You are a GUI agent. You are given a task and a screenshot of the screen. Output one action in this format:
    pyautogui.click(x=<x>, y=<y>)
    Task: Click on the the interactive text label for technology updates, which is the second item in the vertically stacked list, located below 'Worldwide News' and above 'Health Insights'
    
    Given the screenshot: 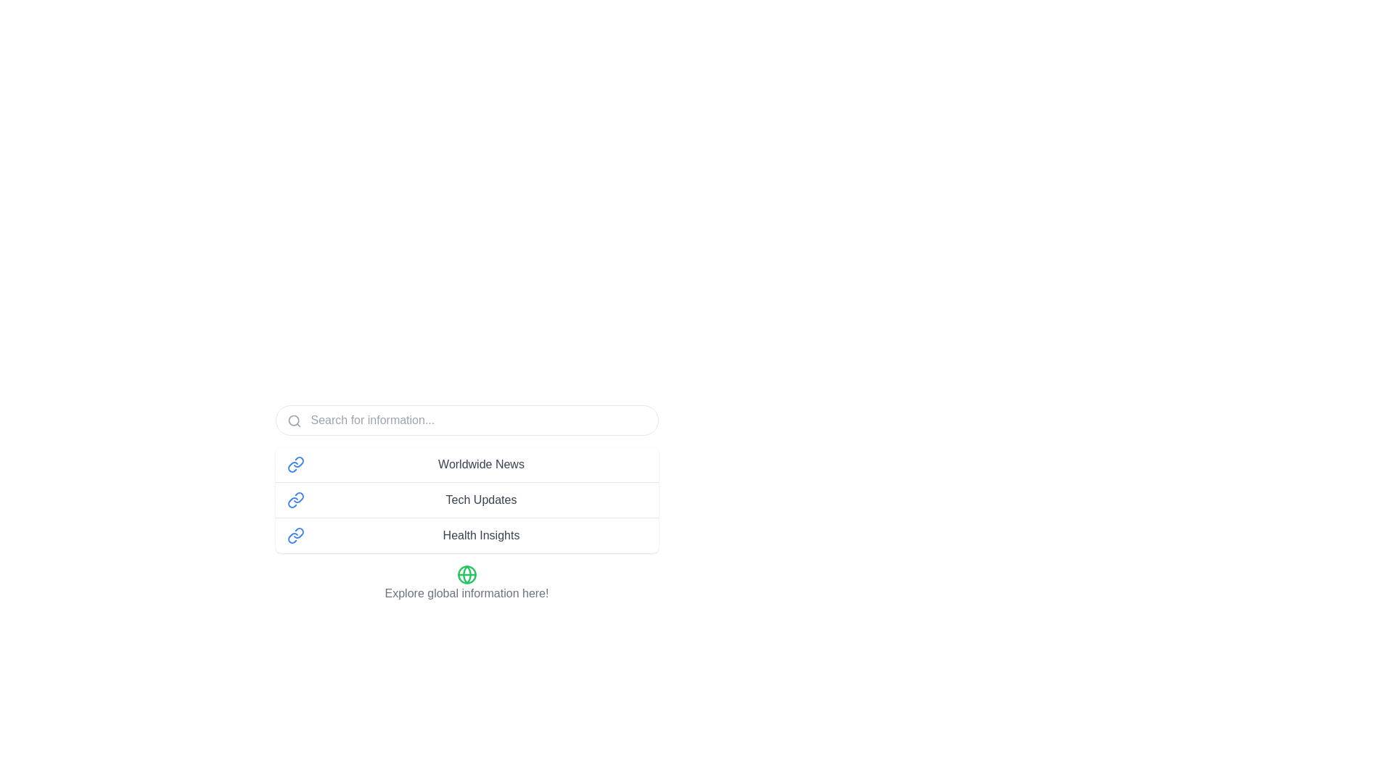 What is the action you would take?
    pyautogui.click(x=467, y=502)
    